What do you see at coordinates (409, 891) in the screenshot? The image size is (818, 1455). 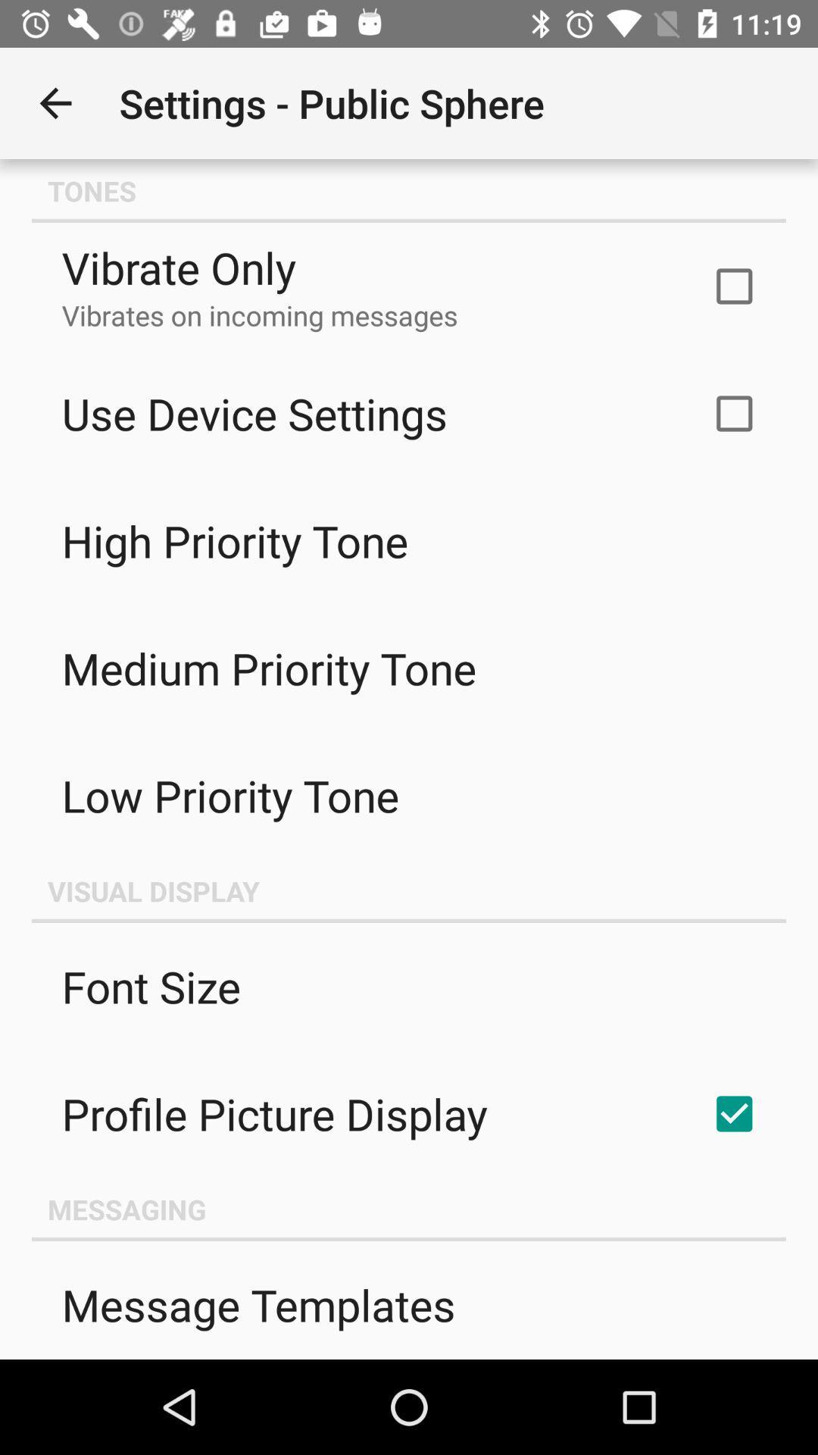 I see `the item below low priority tone item` at bounding box center [409, 891].